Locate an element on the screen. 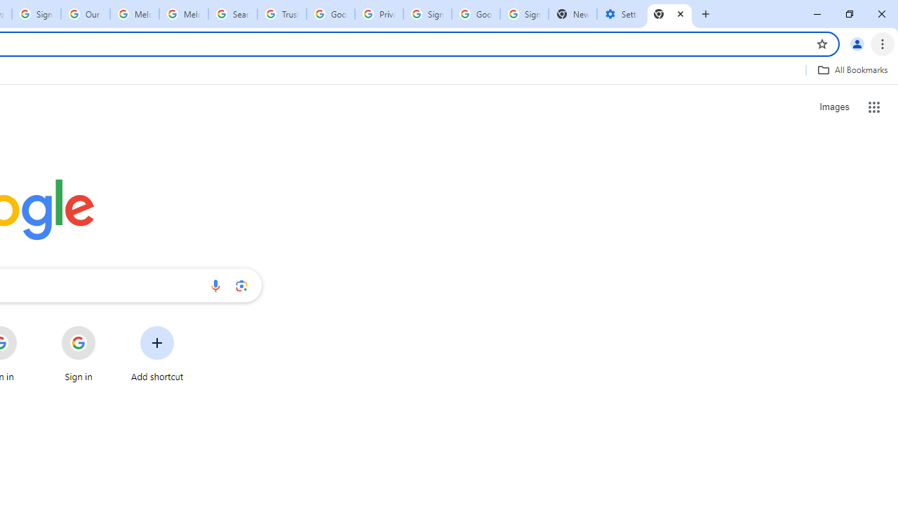  'Settings - Addresses and more' is located at coordinates (620, 14).